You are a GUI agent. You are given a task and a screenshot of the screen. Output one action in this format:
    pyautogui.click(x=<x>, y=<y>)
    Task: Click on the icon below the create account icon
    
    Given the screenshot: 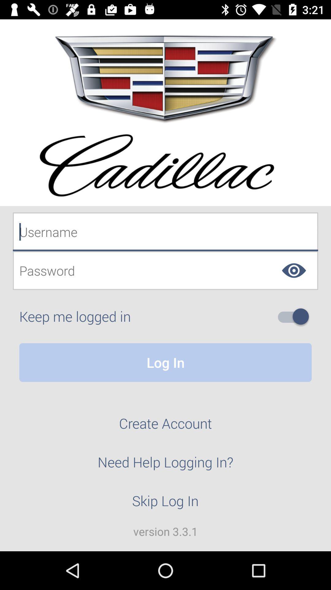 What is the action you would take?
    pyautogui.click(x=165, y=466)
    